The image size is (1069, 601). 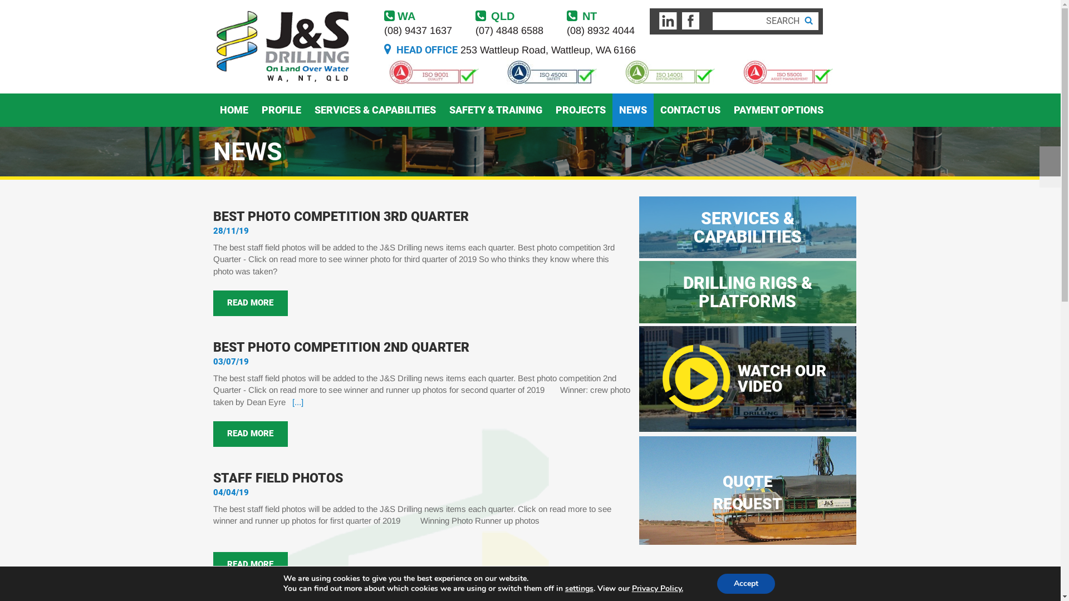 What do you see at coordinates (778, 110) in the screenshot?
I see `'PAYMENT OPTIONS'` at bounding box center [778, 110].